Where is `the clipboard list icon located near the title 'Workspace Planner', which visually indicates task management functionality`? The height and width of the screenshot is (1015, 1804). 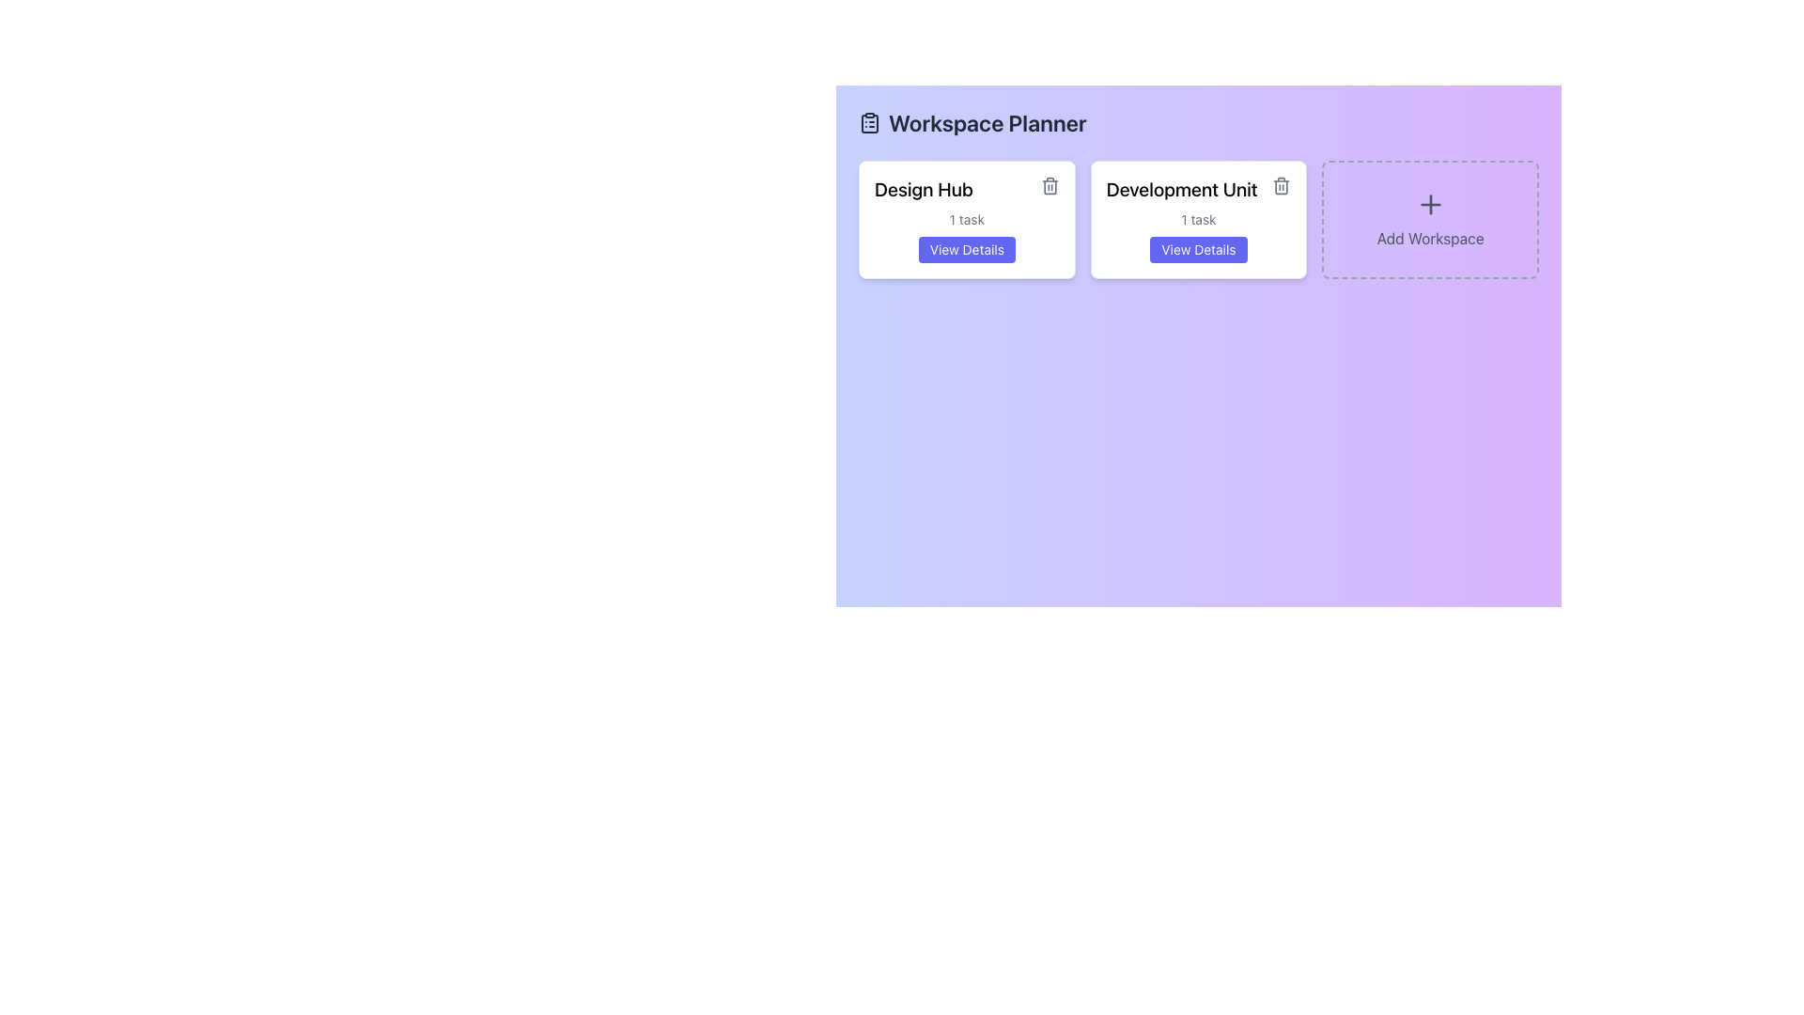 the clipboard list icon located near the title 'Workspace Planner', which visually indicates task management functionality is located at coordinates (869, 123).